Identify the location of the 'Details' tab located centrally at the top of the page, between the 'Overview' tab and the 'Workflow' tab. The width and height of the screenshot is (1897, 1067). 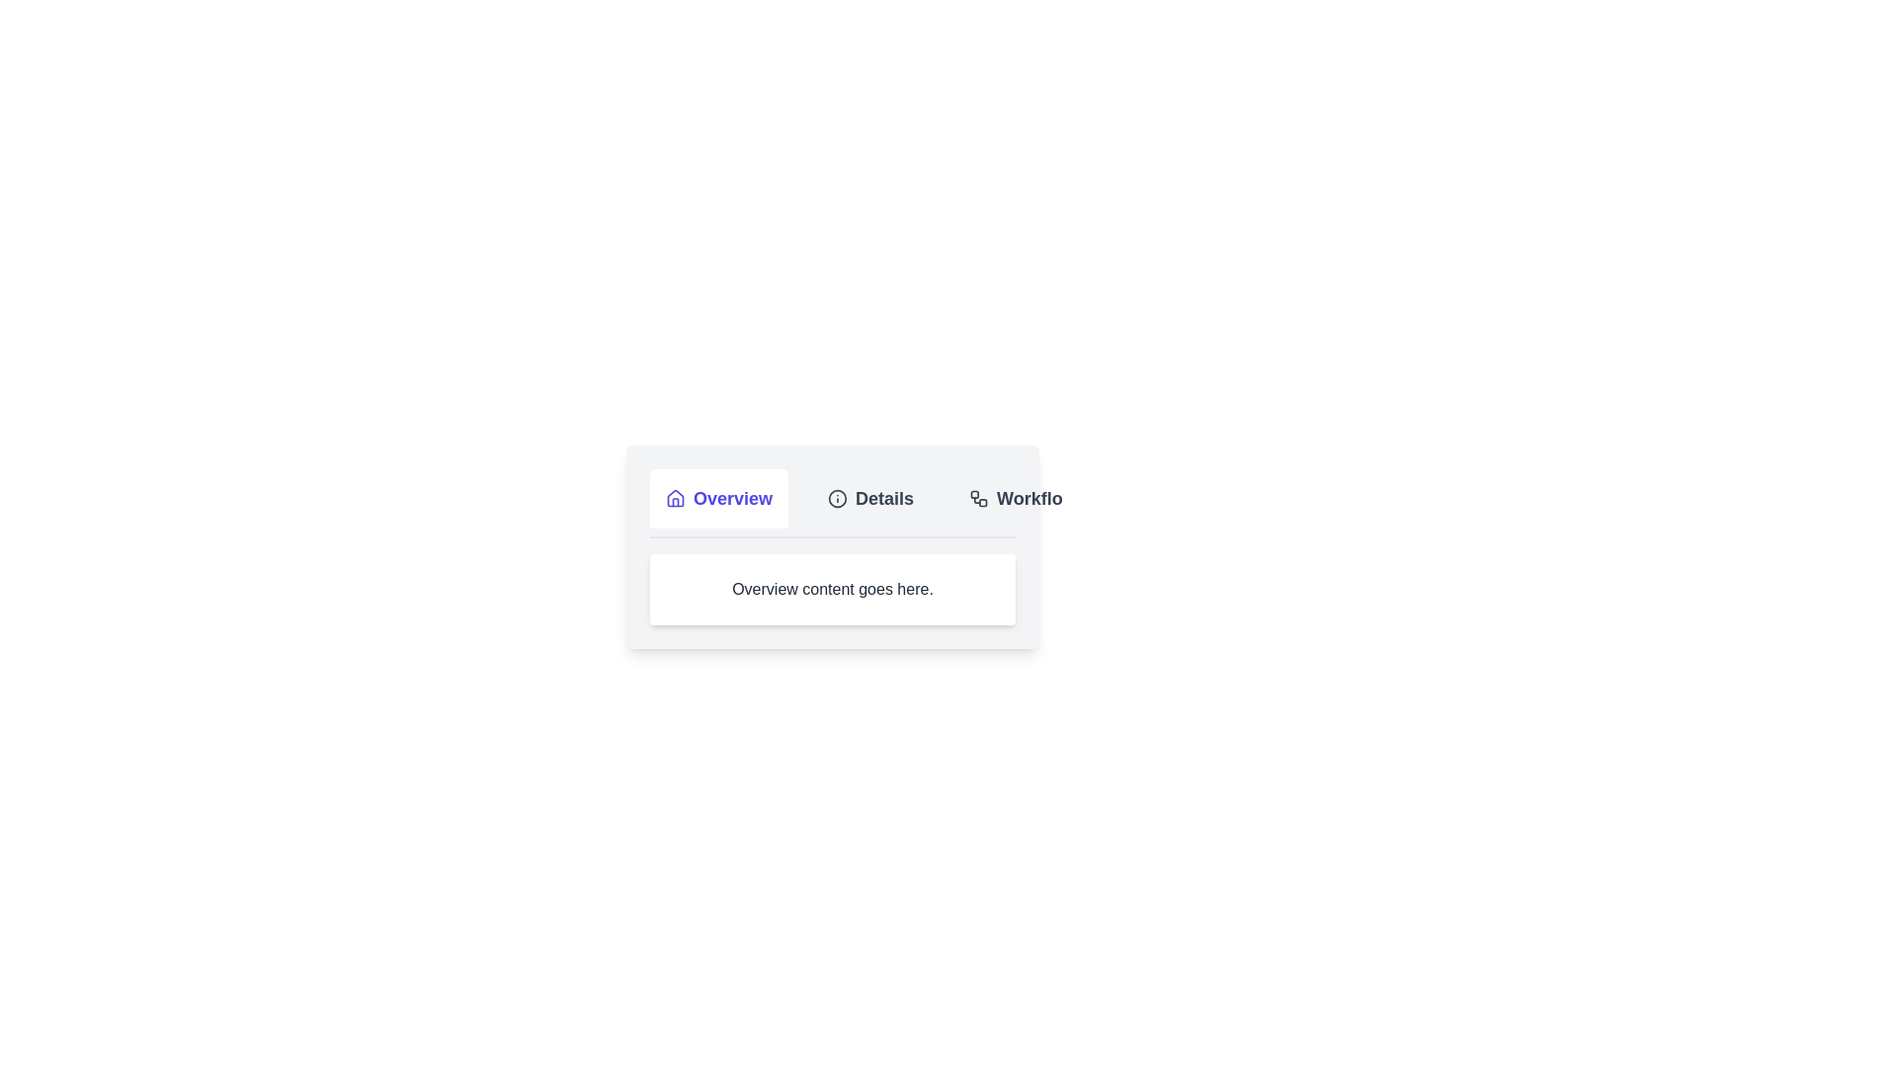
(869, 498).